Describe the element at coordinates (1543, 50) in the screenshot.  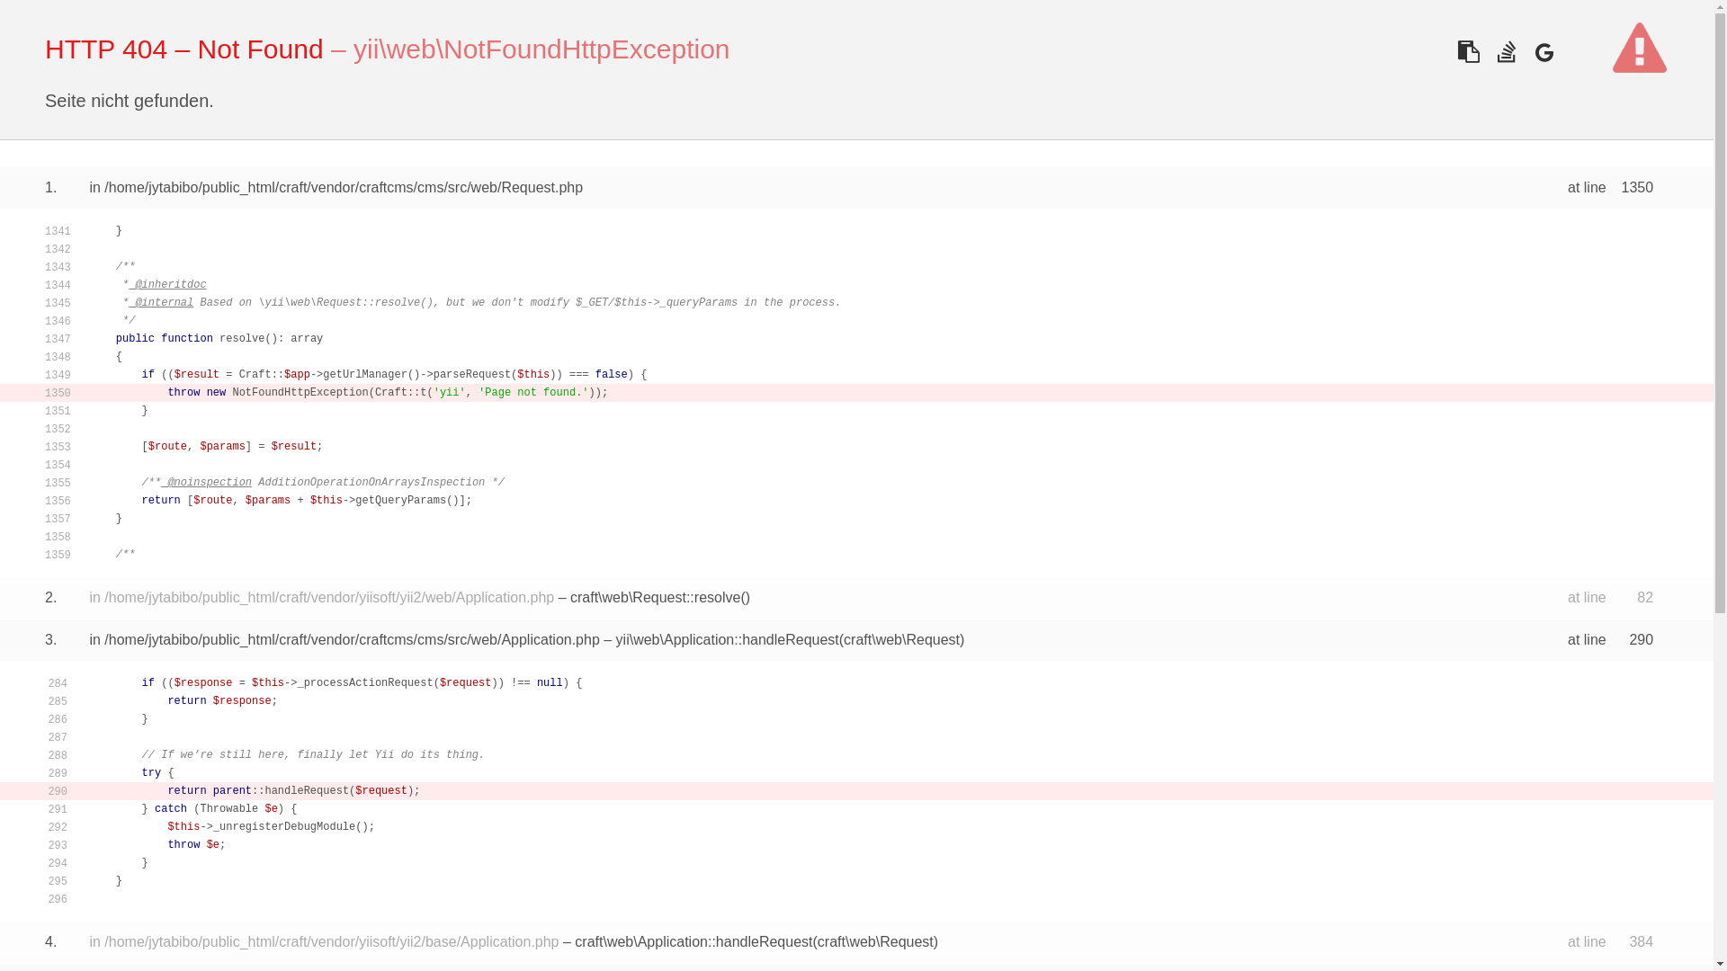
I see `'Search error on Google'` at that location.